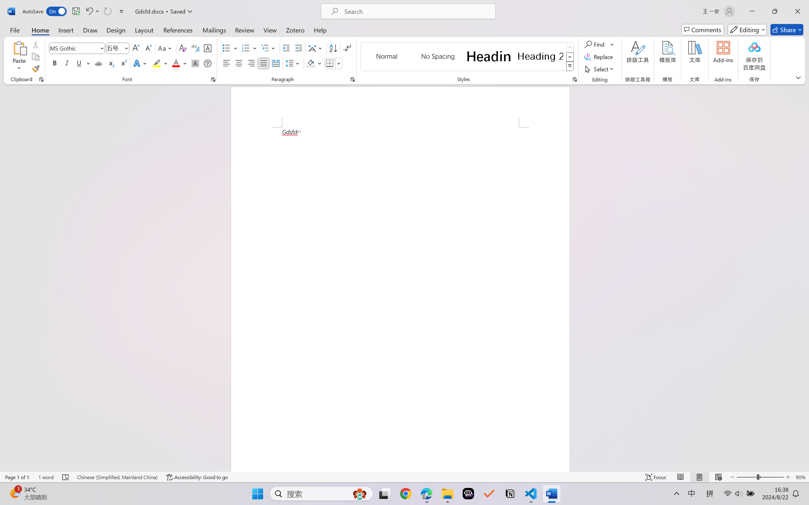  Describe the element at coordinates (92, 11) in the screenshot. I see `'Undo Font Formatting'` at that location.